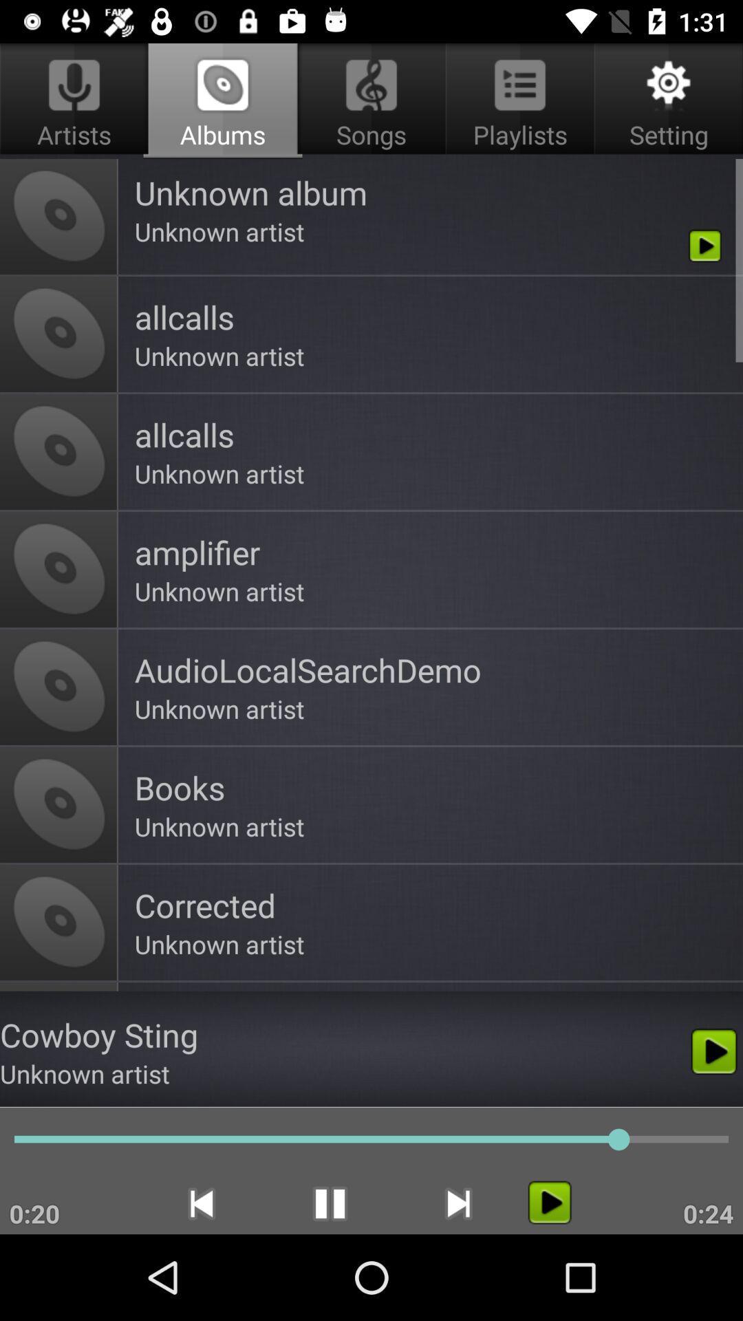  I want to click on the play icon, so click(549, 1201).